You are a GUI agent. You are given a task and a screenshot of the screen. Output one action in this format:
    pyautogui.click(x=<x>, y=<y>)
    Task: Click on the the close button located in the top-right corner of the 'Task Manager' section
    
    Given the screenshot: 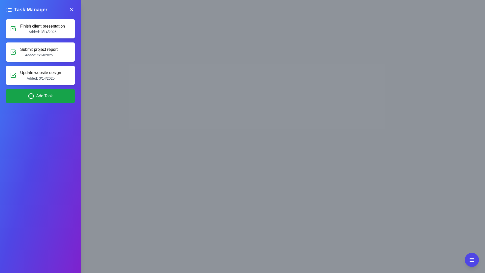 What is the action you would take?
    pyautogui.click(x=71, y=10)
    